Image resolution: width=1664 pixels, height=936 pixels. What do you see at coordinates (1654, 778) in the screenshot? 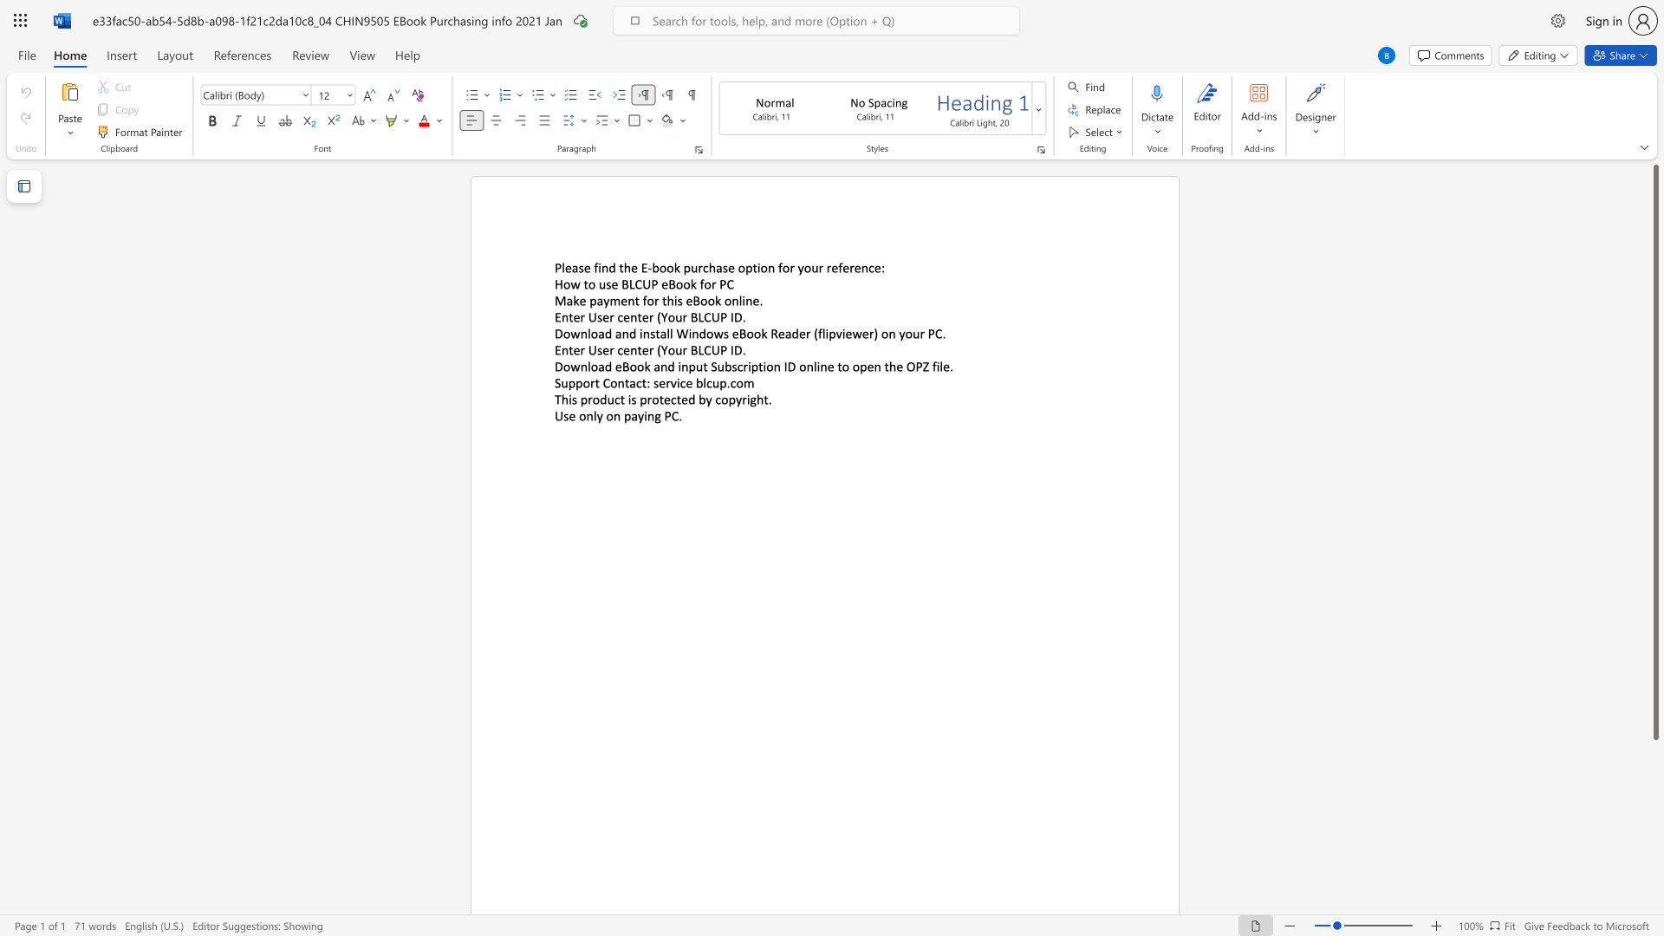
I see `the scrollbar on the side` at bounding box center [1654, 778].